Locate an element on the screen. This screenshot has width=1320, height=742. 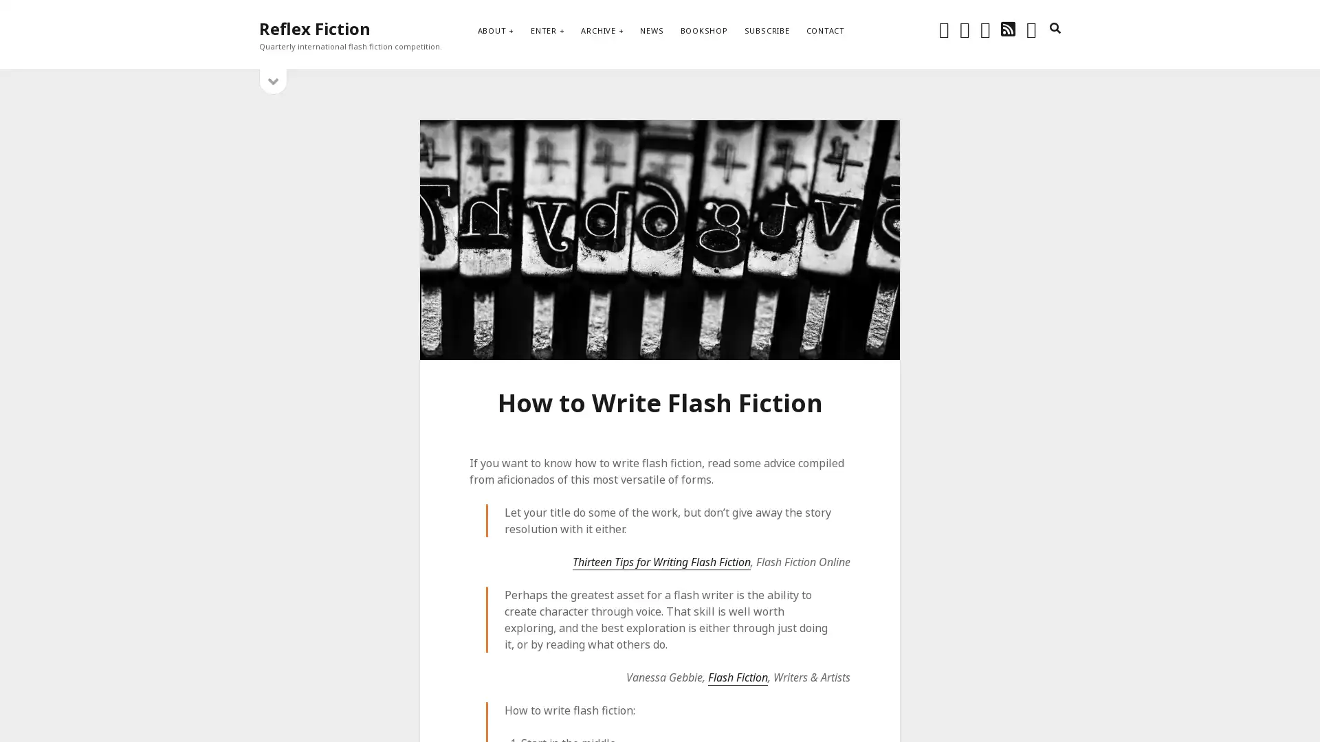
Subscribe is located at coordinates (830, 159).